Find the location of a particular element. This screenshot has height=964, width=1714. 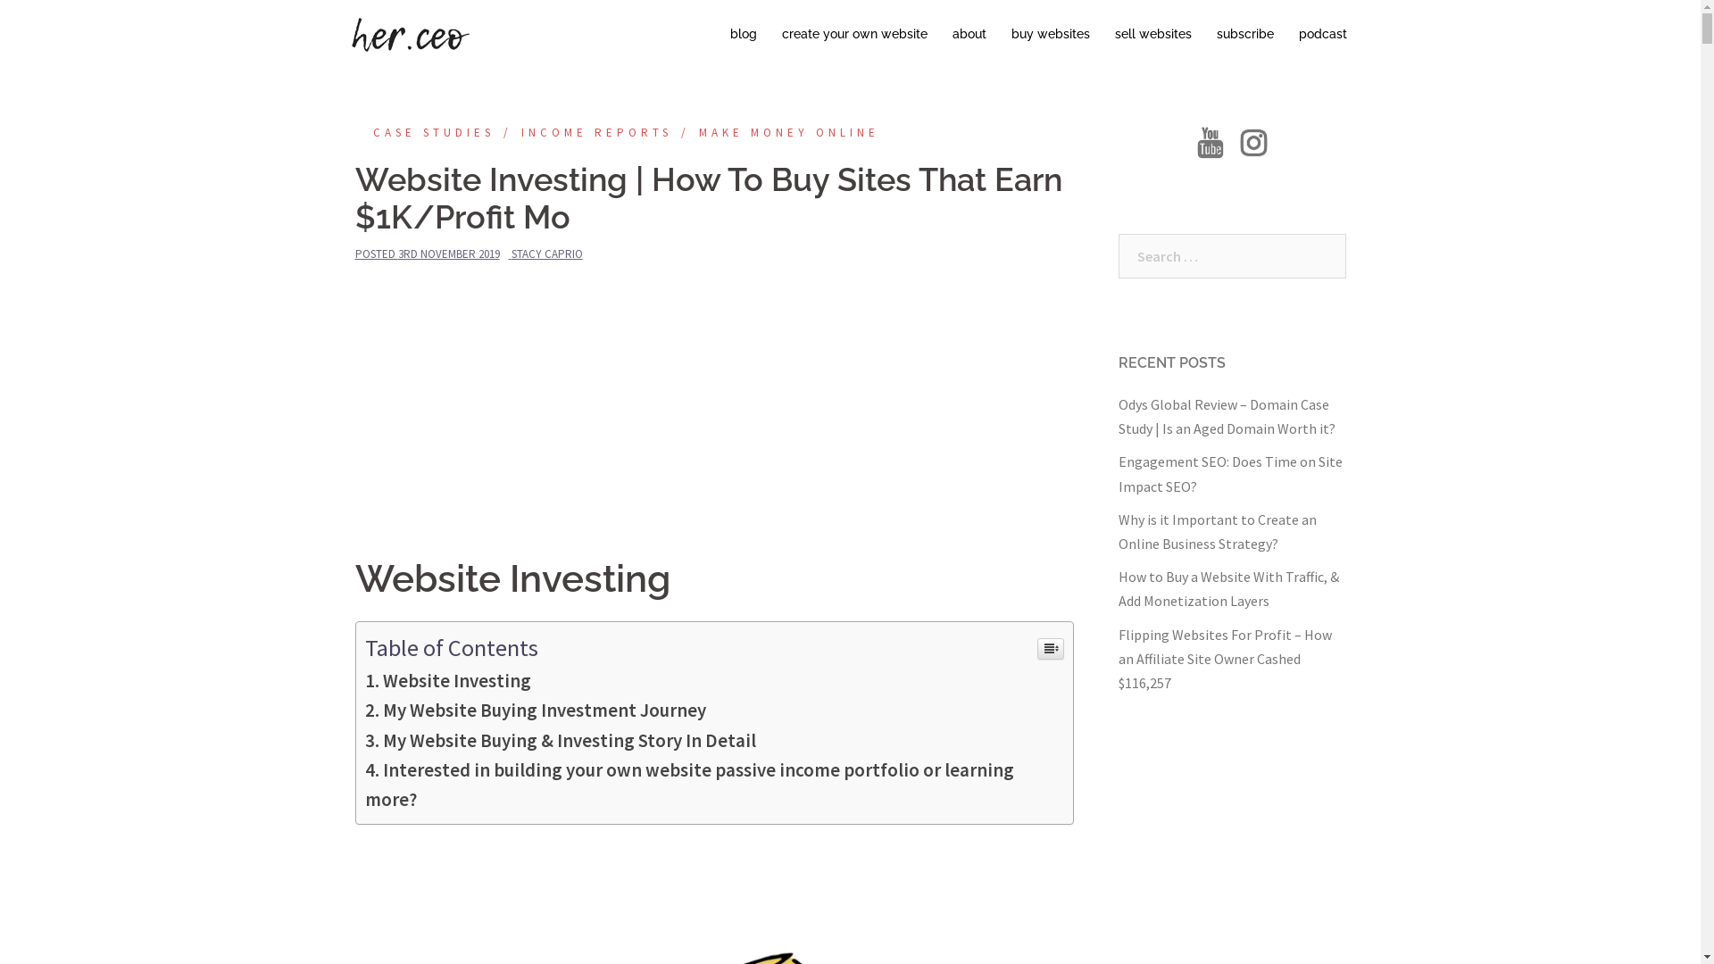

'Website Investing' is located at coordinates (446, 680).